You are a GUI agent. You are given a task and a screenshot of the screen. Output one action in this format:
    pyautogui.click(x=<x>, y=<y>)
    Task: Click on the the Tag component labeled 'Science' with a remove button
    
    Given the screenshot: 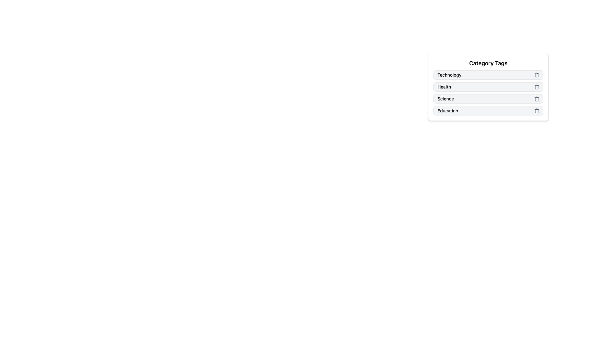 What is the action you would take?
    pyautogui.click(x=488, y=99)
    